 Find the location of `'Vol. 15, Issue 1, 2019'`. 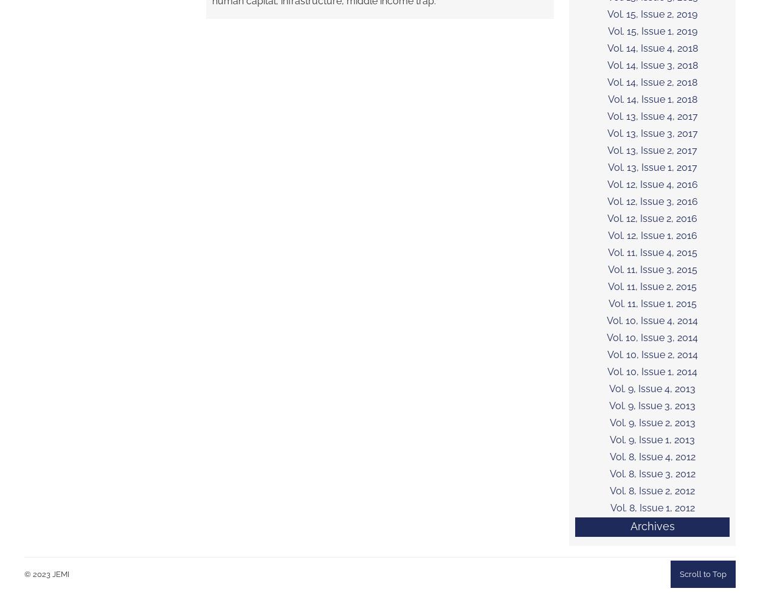

'Vol. 15, Issue 1, 2019' is located at coordinates (607, 31).